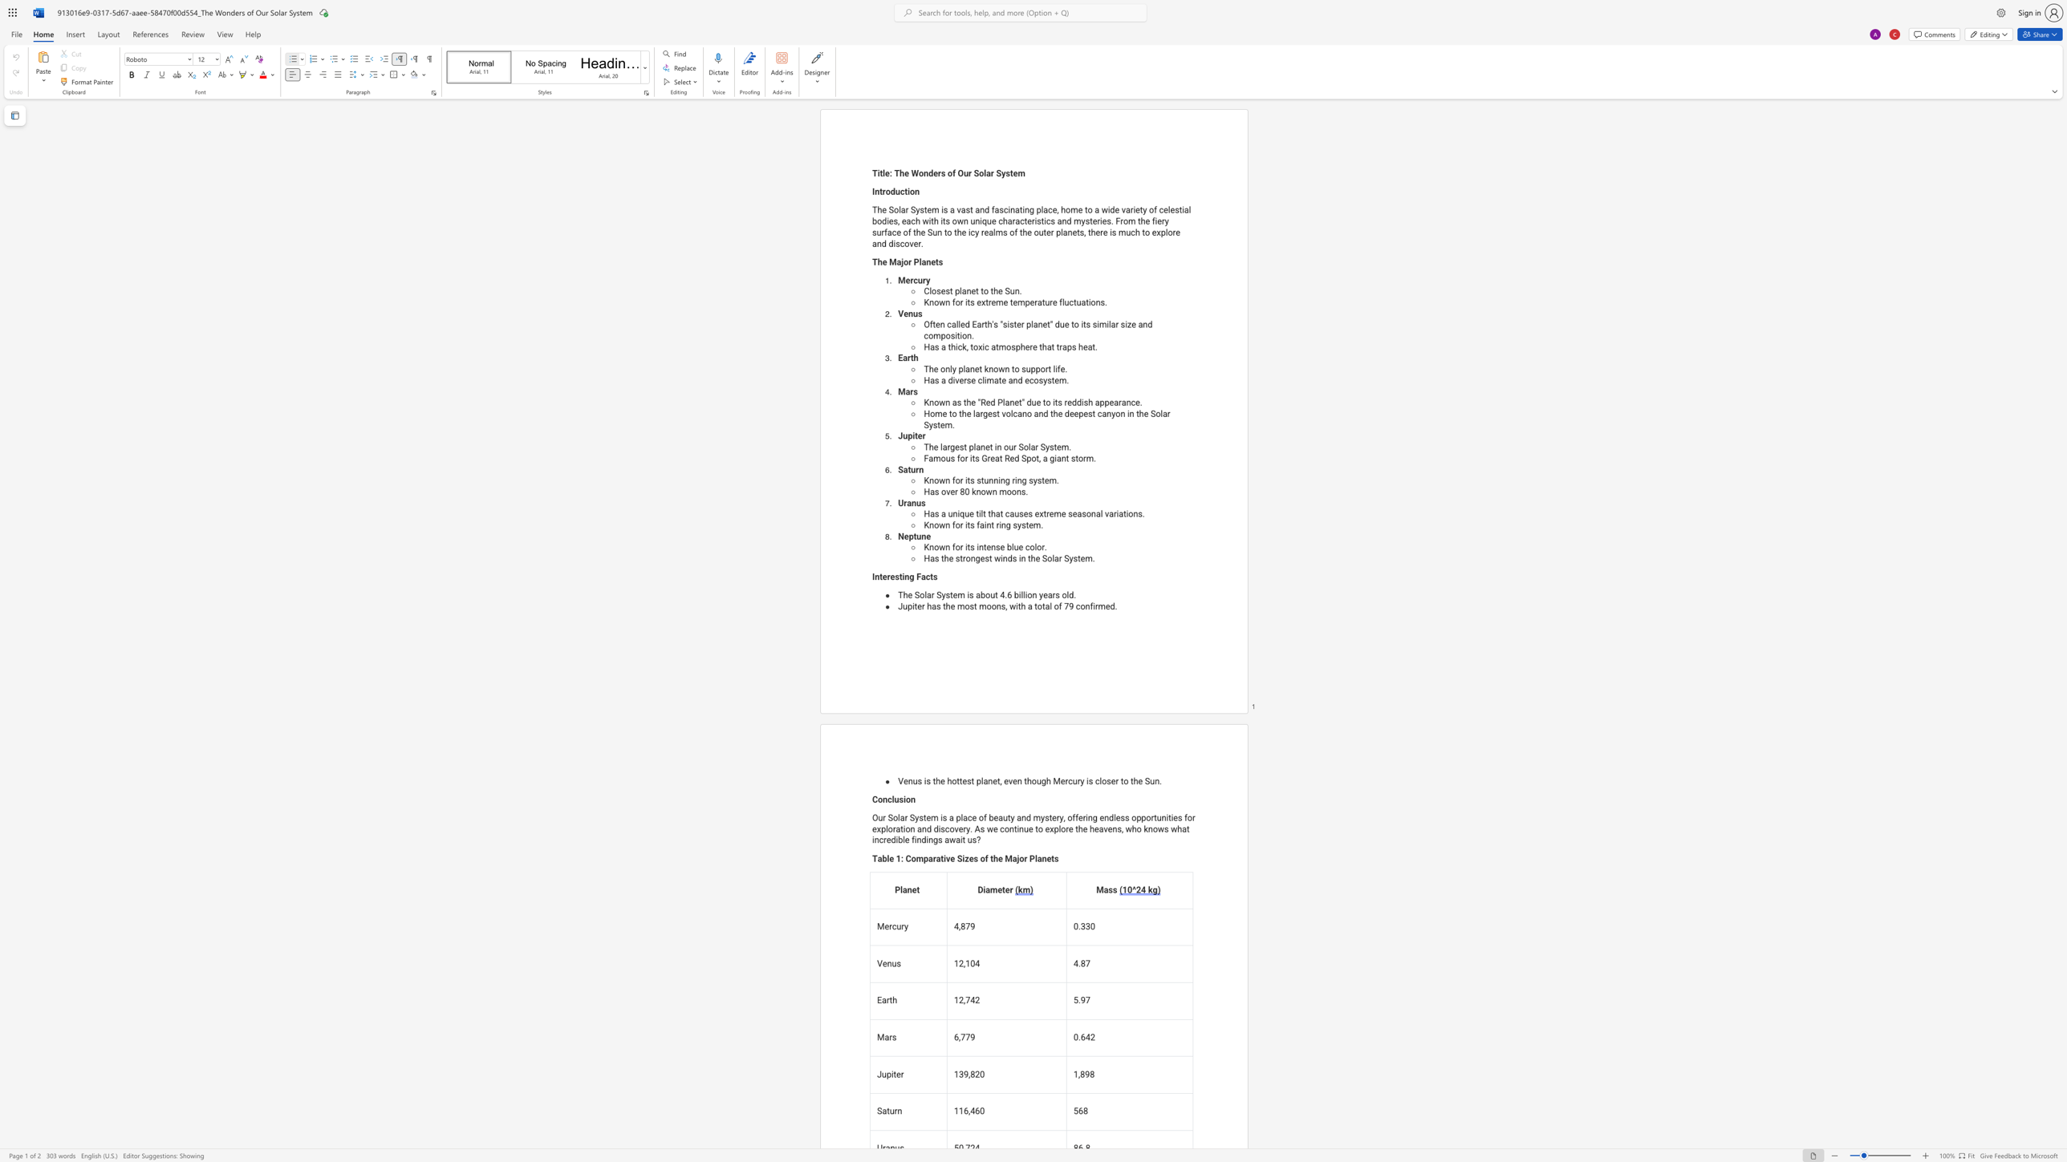 This screenshot has width=2067, height=1162. What do you see at coordinates (969, 368) in the screenshot?
I see `the space between the continuous character "a" and "n" in the text` at bounding box center [969, 368].